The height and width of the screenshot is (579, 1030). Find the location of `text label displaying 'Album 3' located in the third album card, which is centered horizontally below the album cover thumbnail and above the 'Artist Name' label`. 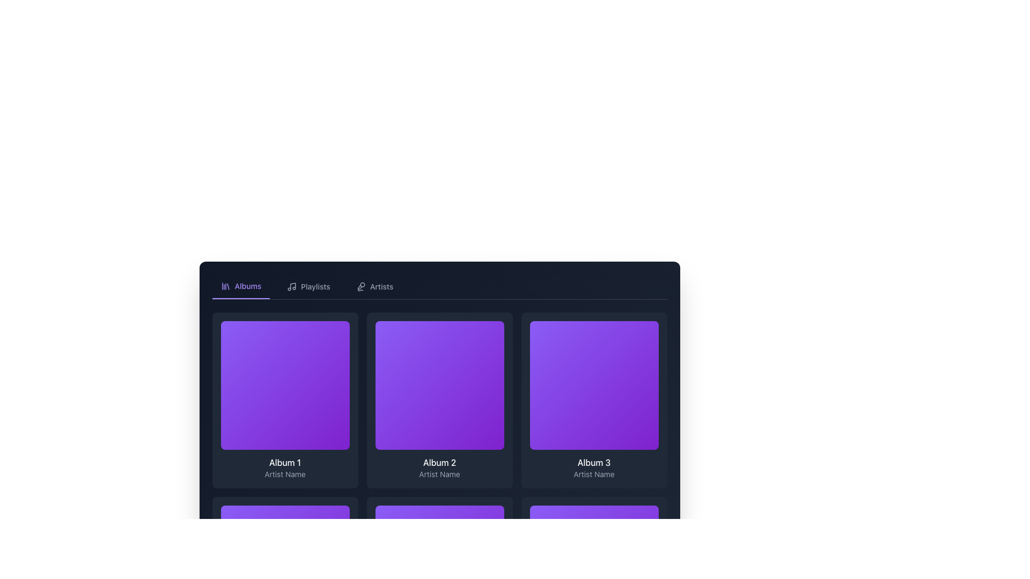

text label displaying 'Album 3' located in the third album card, which is centered horizontally below the album cover thumbnail and above the 'Artist Name' label is located at coordinates (593, 462).